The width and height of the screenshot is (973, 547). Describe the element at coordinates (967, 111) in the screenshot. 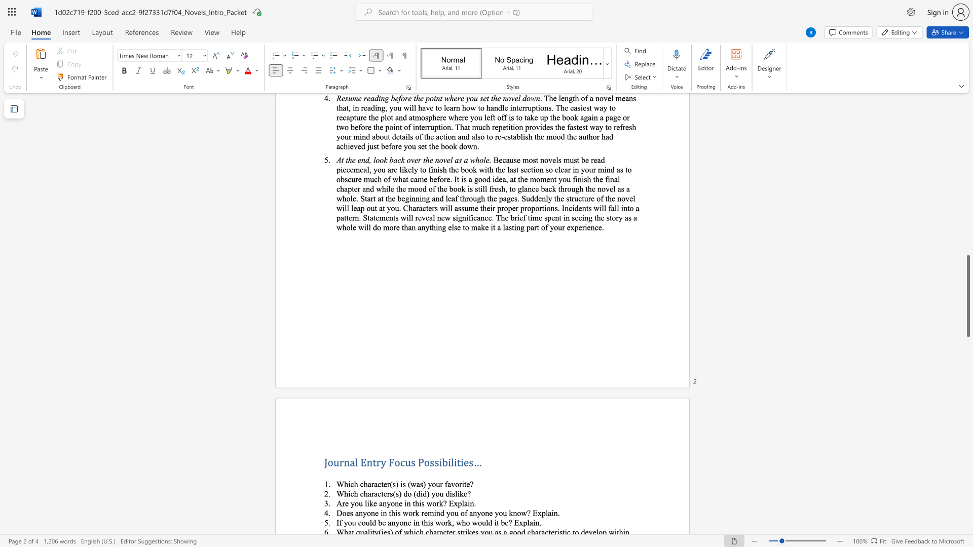

I see `the scrollbar on the right side to scroll the page up` at that location.